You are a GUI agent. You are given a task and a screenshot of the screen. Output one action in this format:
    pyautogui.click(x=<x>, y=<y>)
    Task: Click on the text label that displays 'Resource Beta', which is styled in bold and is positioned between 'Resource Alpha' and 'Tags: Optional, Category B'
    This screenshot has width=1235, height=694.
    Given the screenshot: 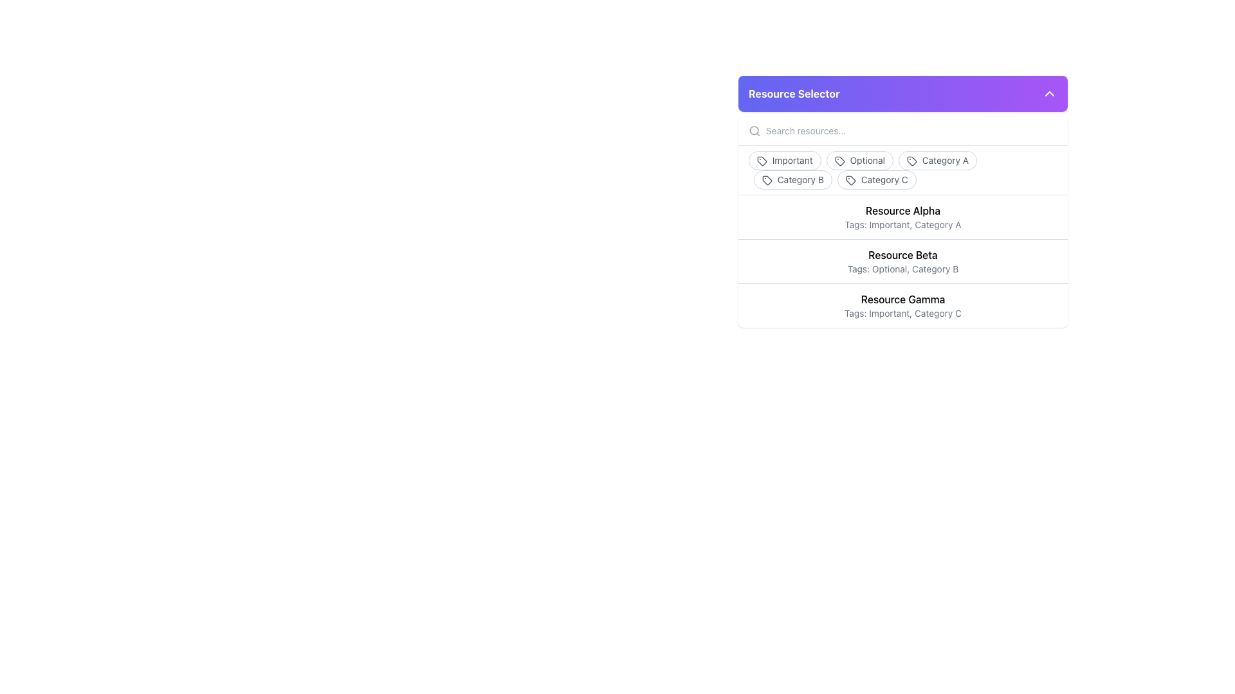 What is the action you would take?
    pyautogui.click(x=902, y=255)
    